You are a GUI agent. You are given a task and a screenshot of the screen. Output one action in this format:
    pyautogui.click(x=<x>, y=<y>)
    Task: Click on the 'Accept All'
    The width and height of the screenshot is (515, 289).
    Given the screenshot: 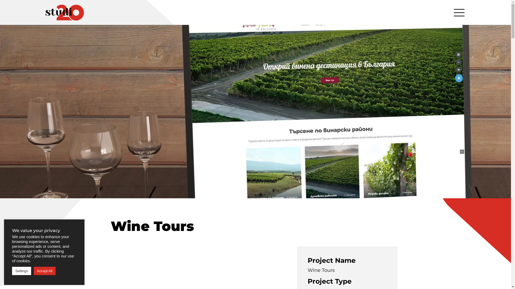 What is the action you would take?
    pyautogui.click(x=45, y=271)
    